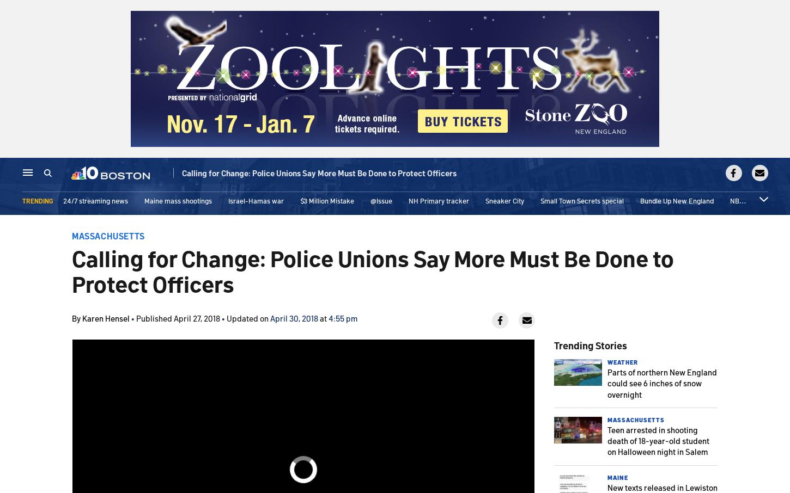 This screenshot has width=790, height=493. Describe the element at coordinates (342, 317) in the screenshot. I see `'4:55 pm'` at that location.